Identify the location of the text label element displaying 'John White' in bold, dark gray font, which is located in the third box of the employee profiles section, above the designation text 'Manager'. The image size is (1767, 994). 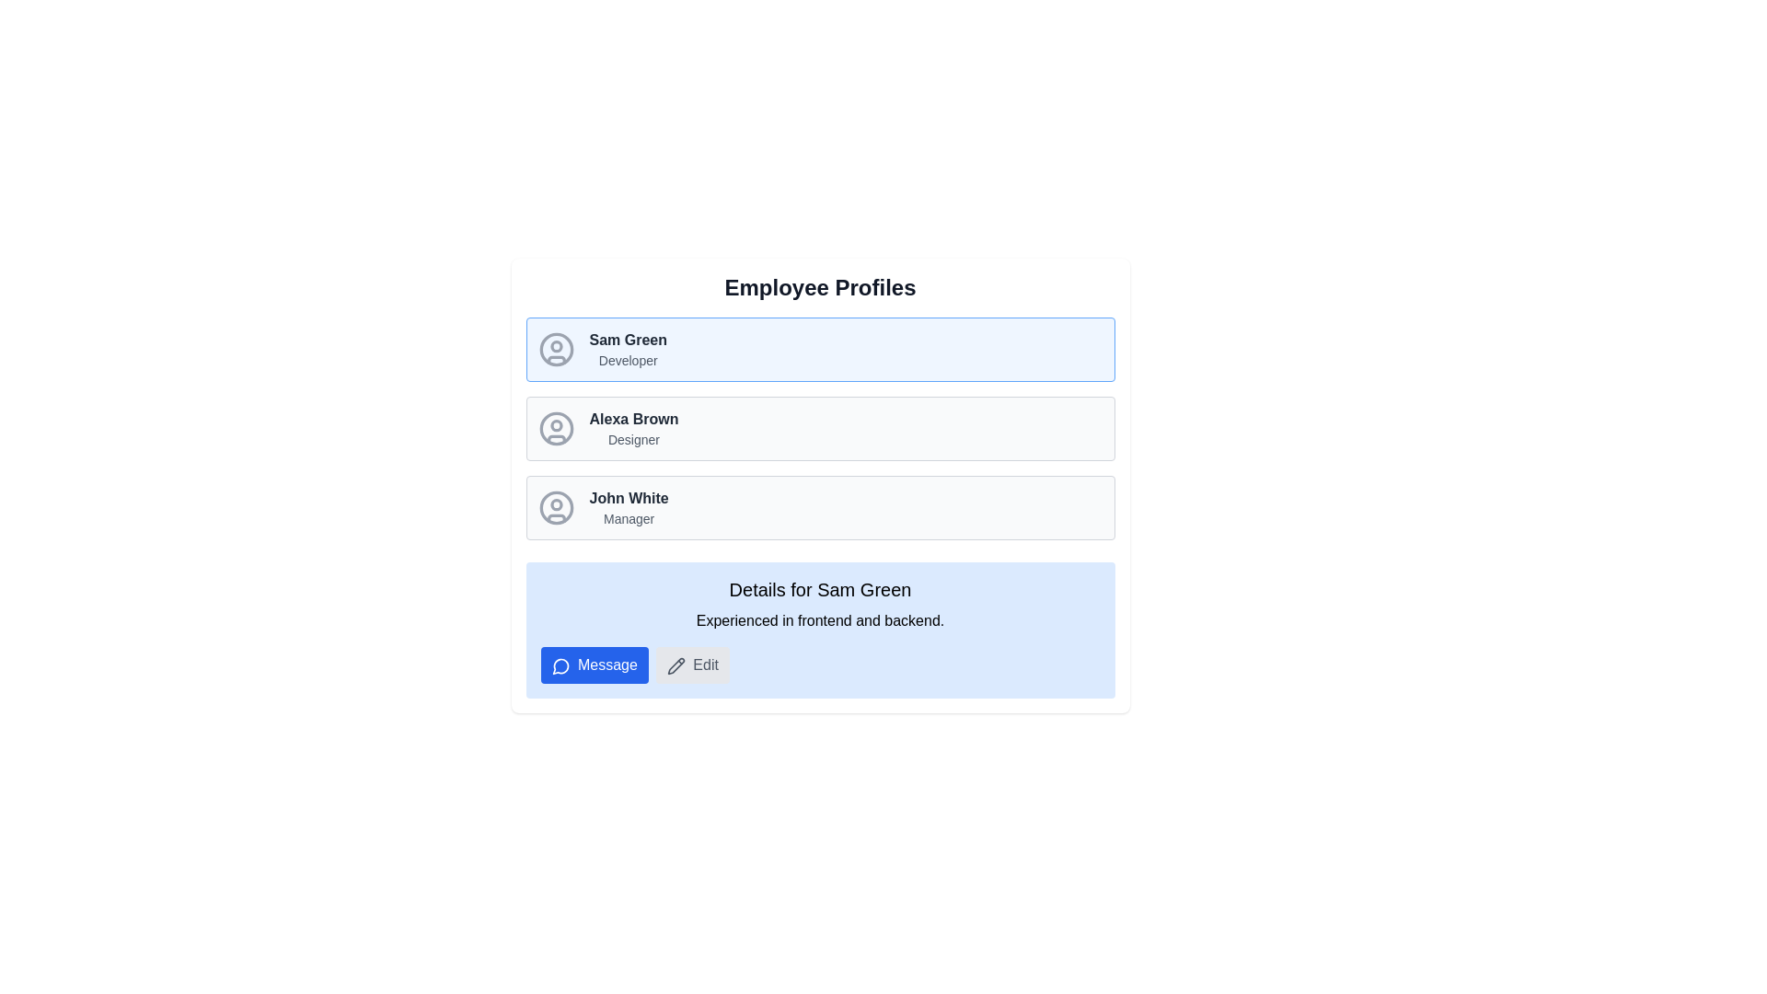
(629, 499).